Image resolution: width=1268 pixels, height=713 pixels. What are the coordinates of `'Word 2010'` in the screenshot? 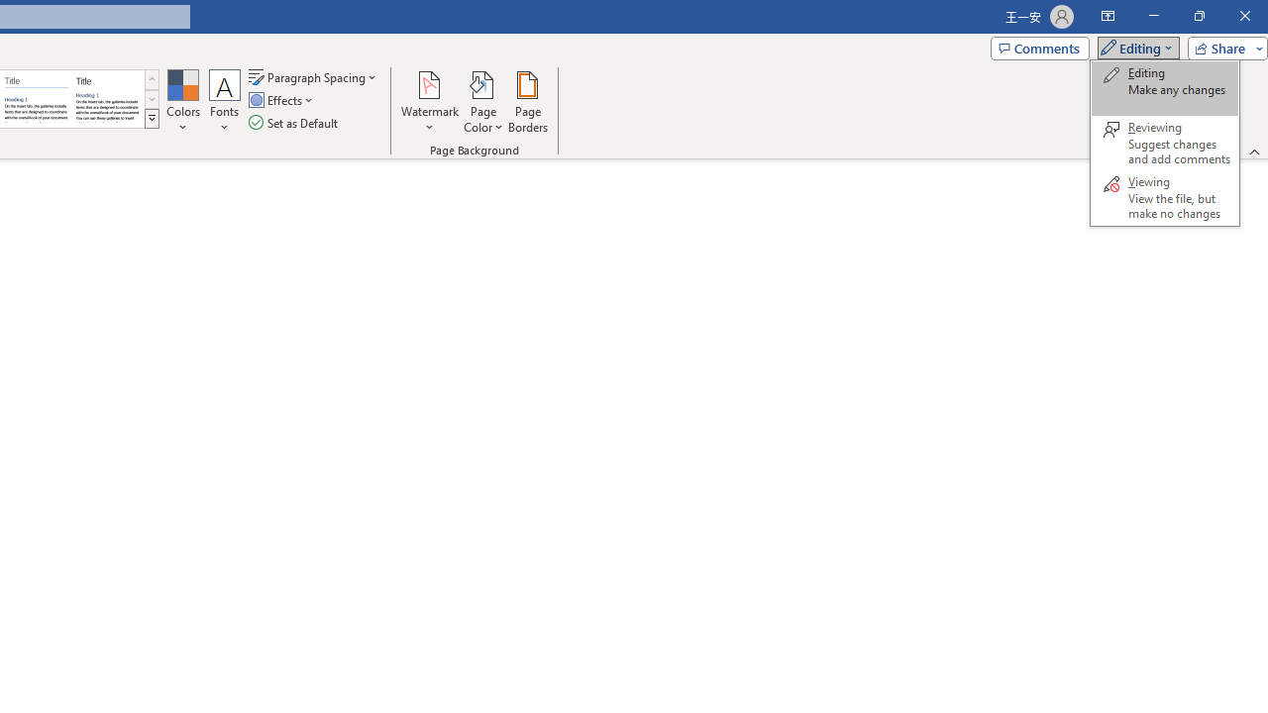 It's located at (37, 99).